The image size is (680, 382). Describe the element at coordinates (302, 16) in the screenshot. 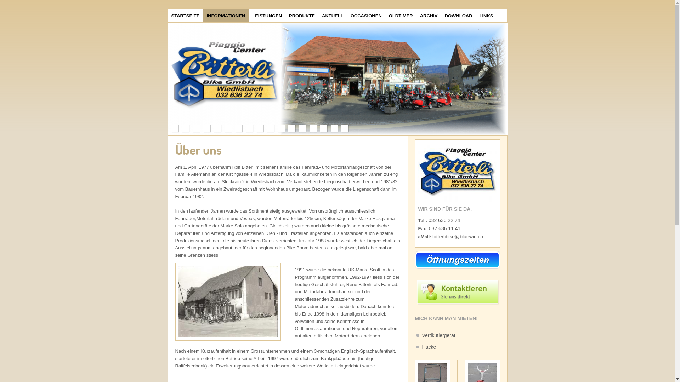

I see `'PRODUKTE'` at that location.